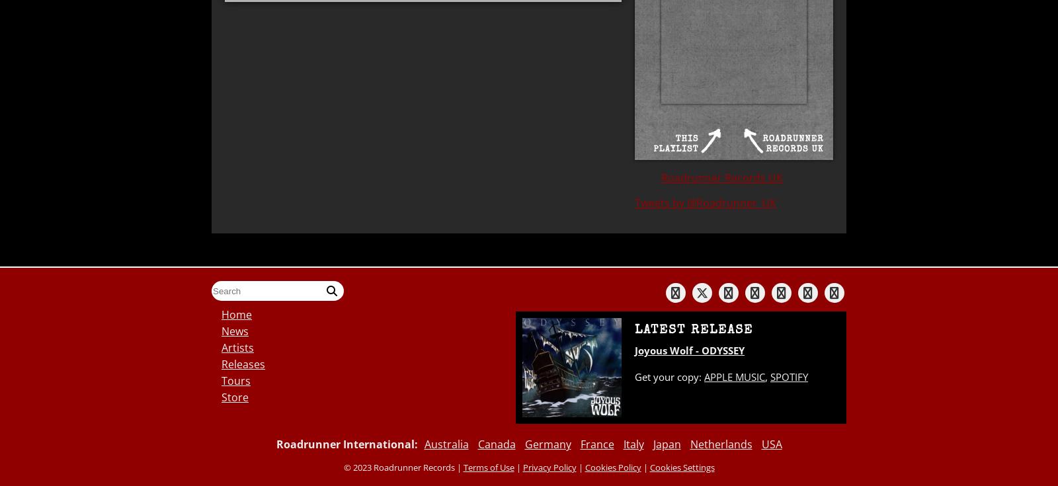 Image resolution: width=1058 pixels, height=486 pixels. What do you see at coordinates (235, 380) in the screenshot?
I see `'Tours'` at bounding box center [235, 380].